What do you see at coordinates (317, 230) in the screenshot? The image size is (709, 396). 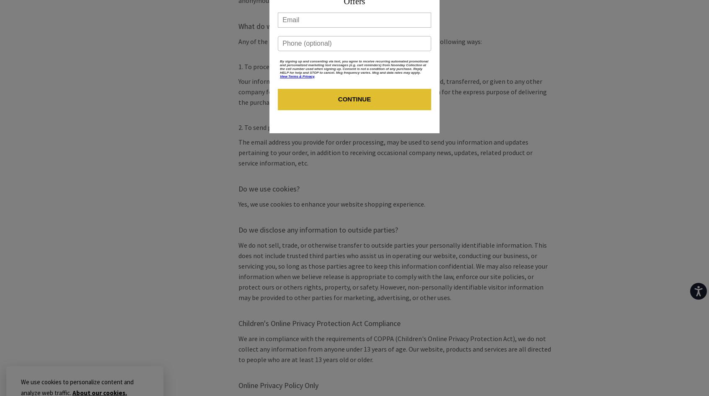 I see `'Do we disclose any information to outside parties?'` at bounding box center [317, 230].